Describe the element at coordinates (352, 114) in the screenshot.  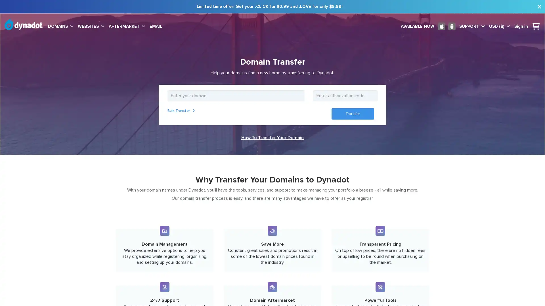
I see `Transfer` at that location.